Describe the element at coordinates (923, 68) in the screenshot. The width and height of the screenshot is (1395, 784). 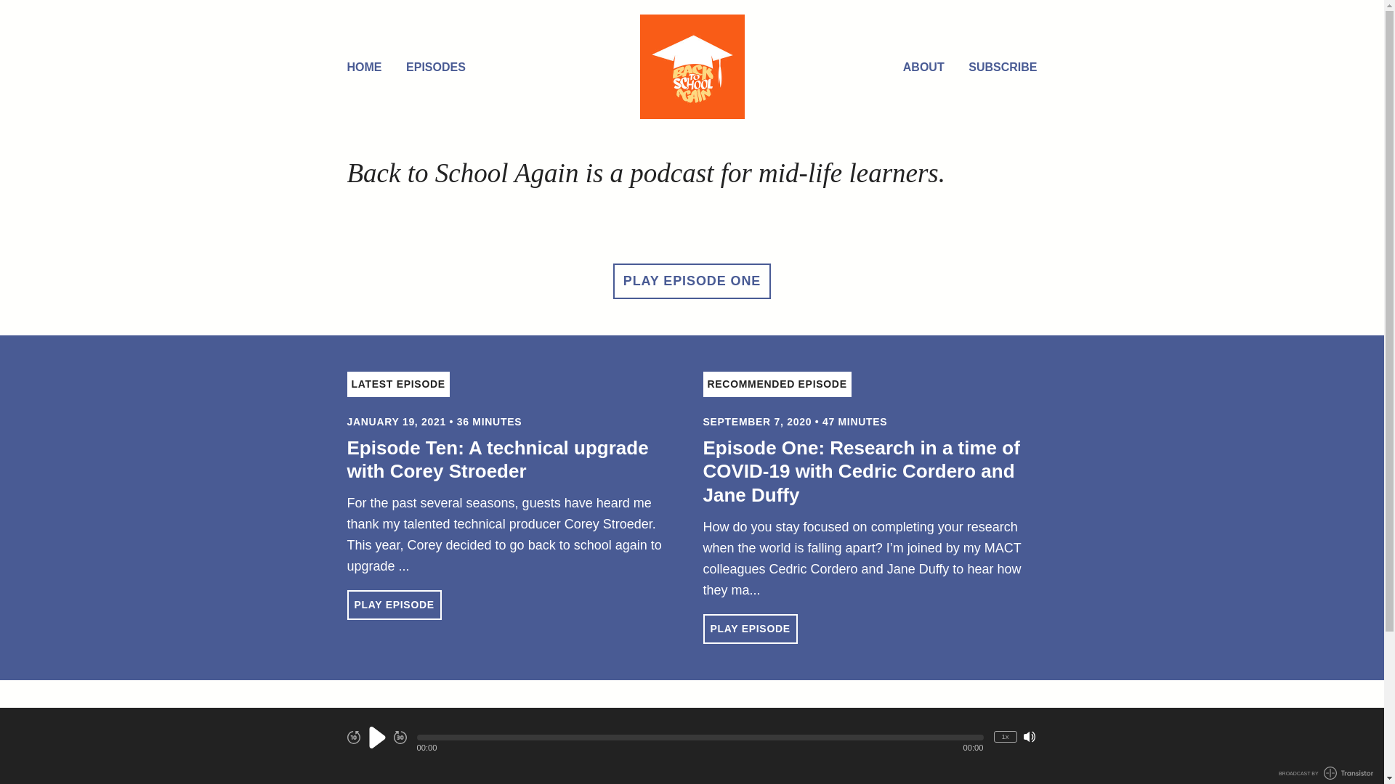
I see `'ABOUT'` at that location.